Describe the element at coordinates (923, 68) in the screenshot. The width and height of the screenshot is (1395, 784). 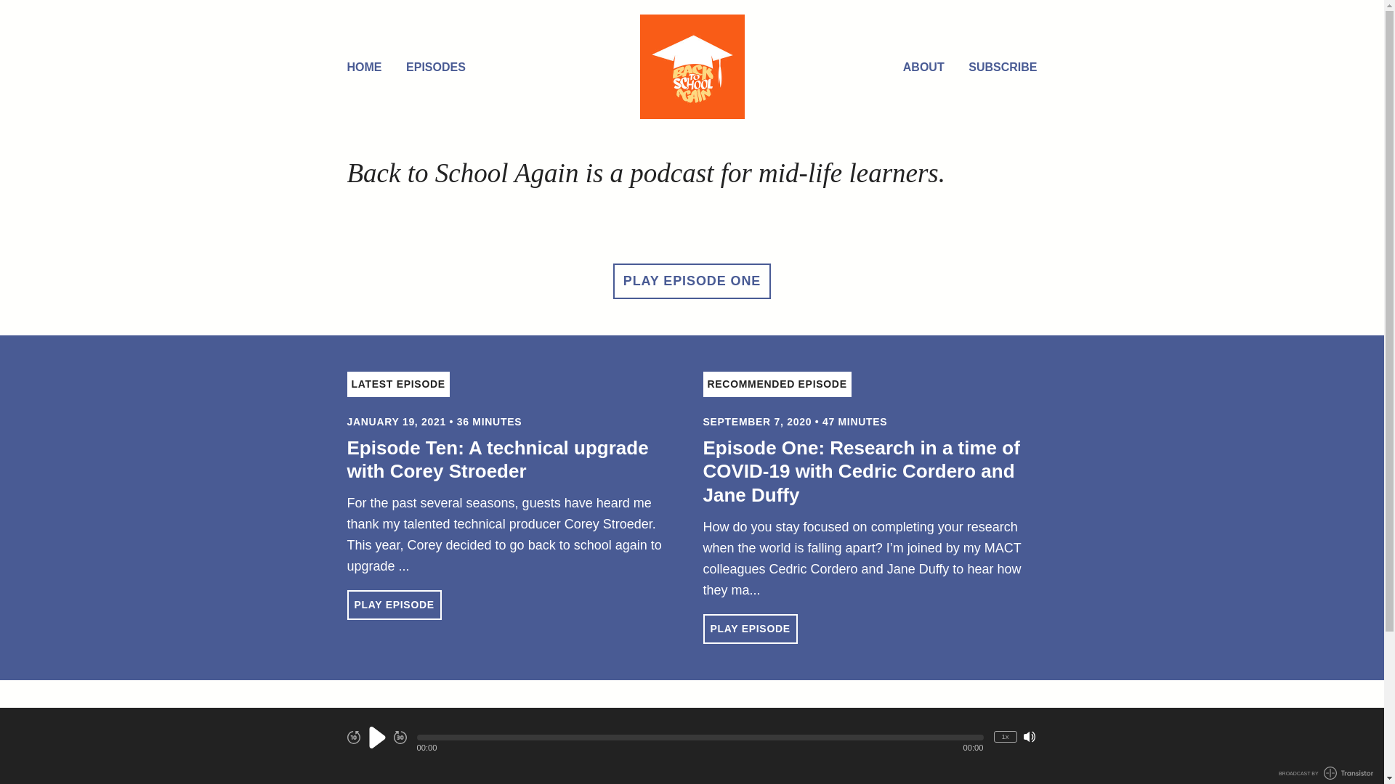
I see `'ABOUT'` at that location.